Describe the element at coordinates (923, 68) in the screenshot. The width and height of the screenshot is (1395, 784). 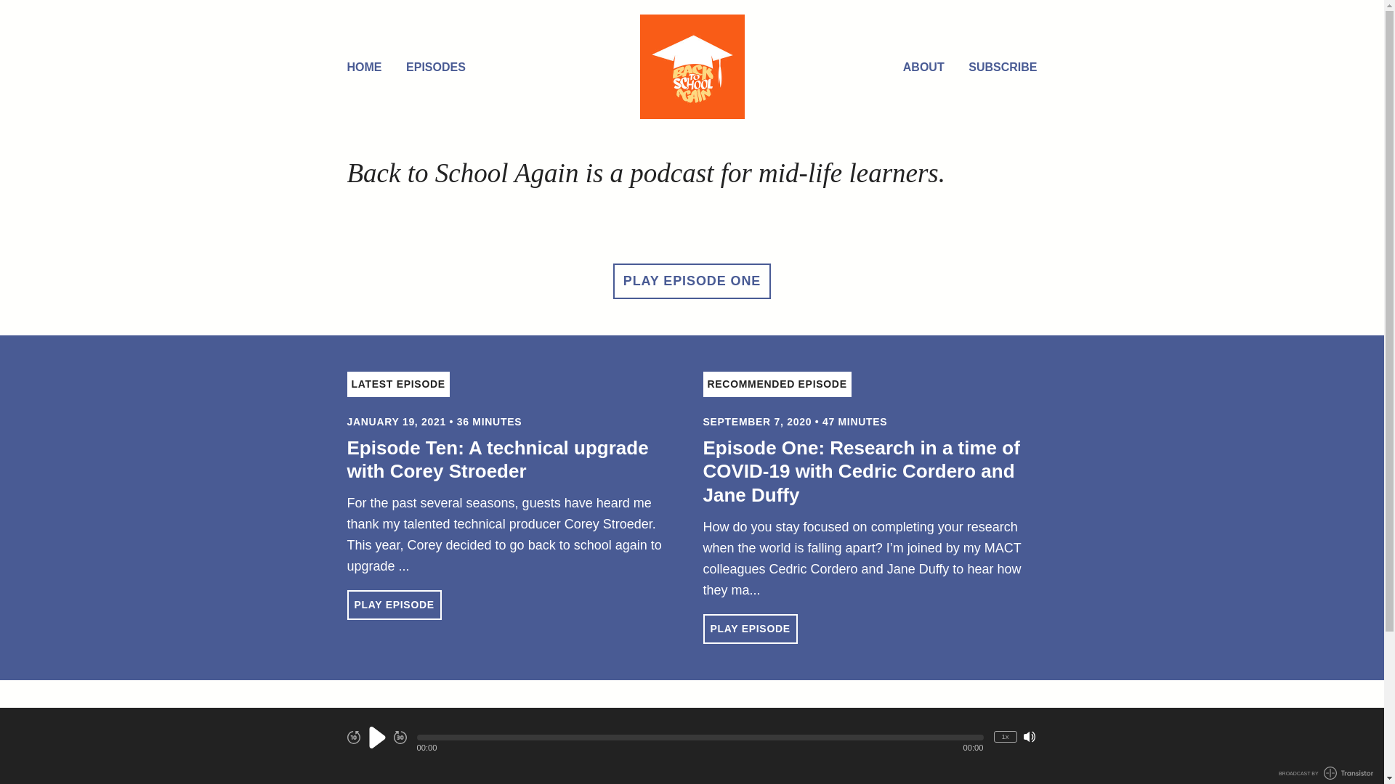
I see `'ABOUT'` at that location.